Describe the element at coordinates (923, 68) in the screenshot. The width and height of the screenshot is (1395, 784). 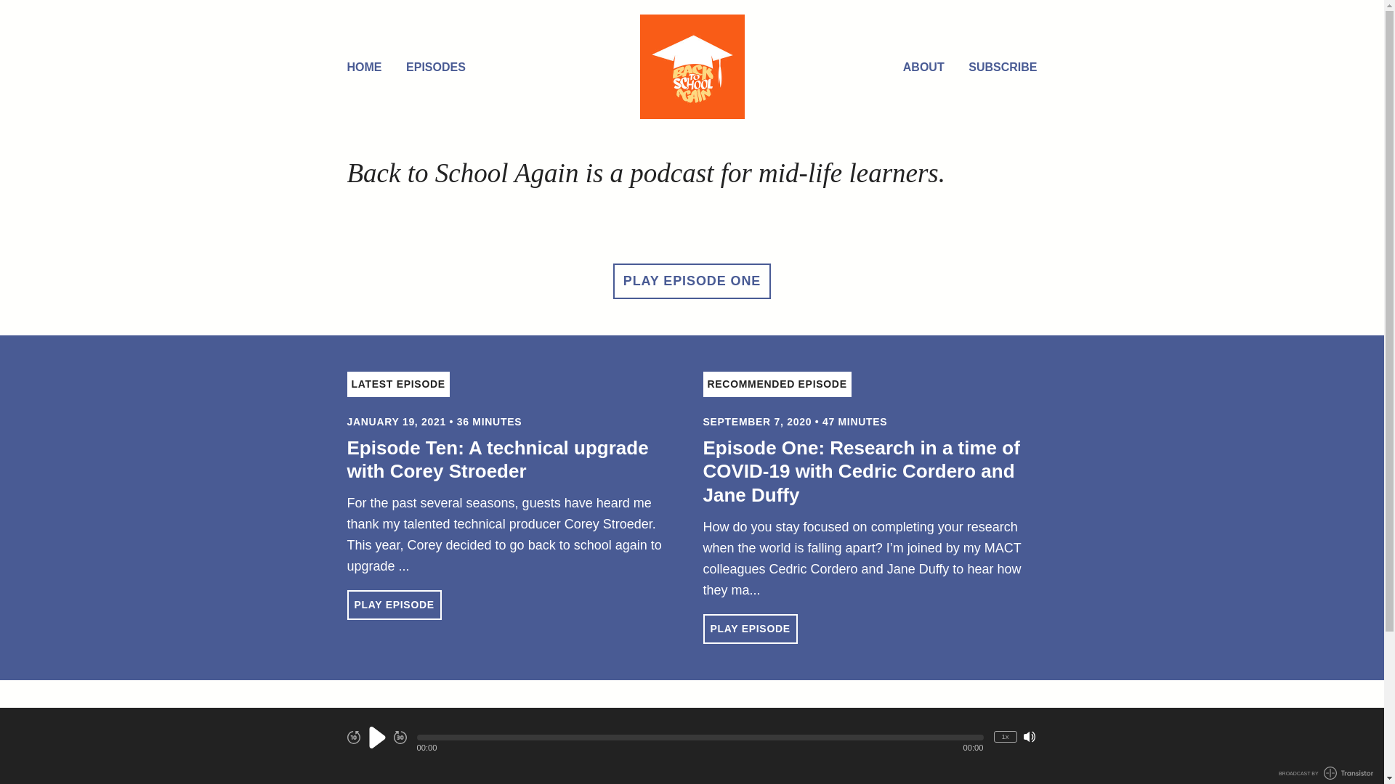
I see `'ABOUT'` at that location.